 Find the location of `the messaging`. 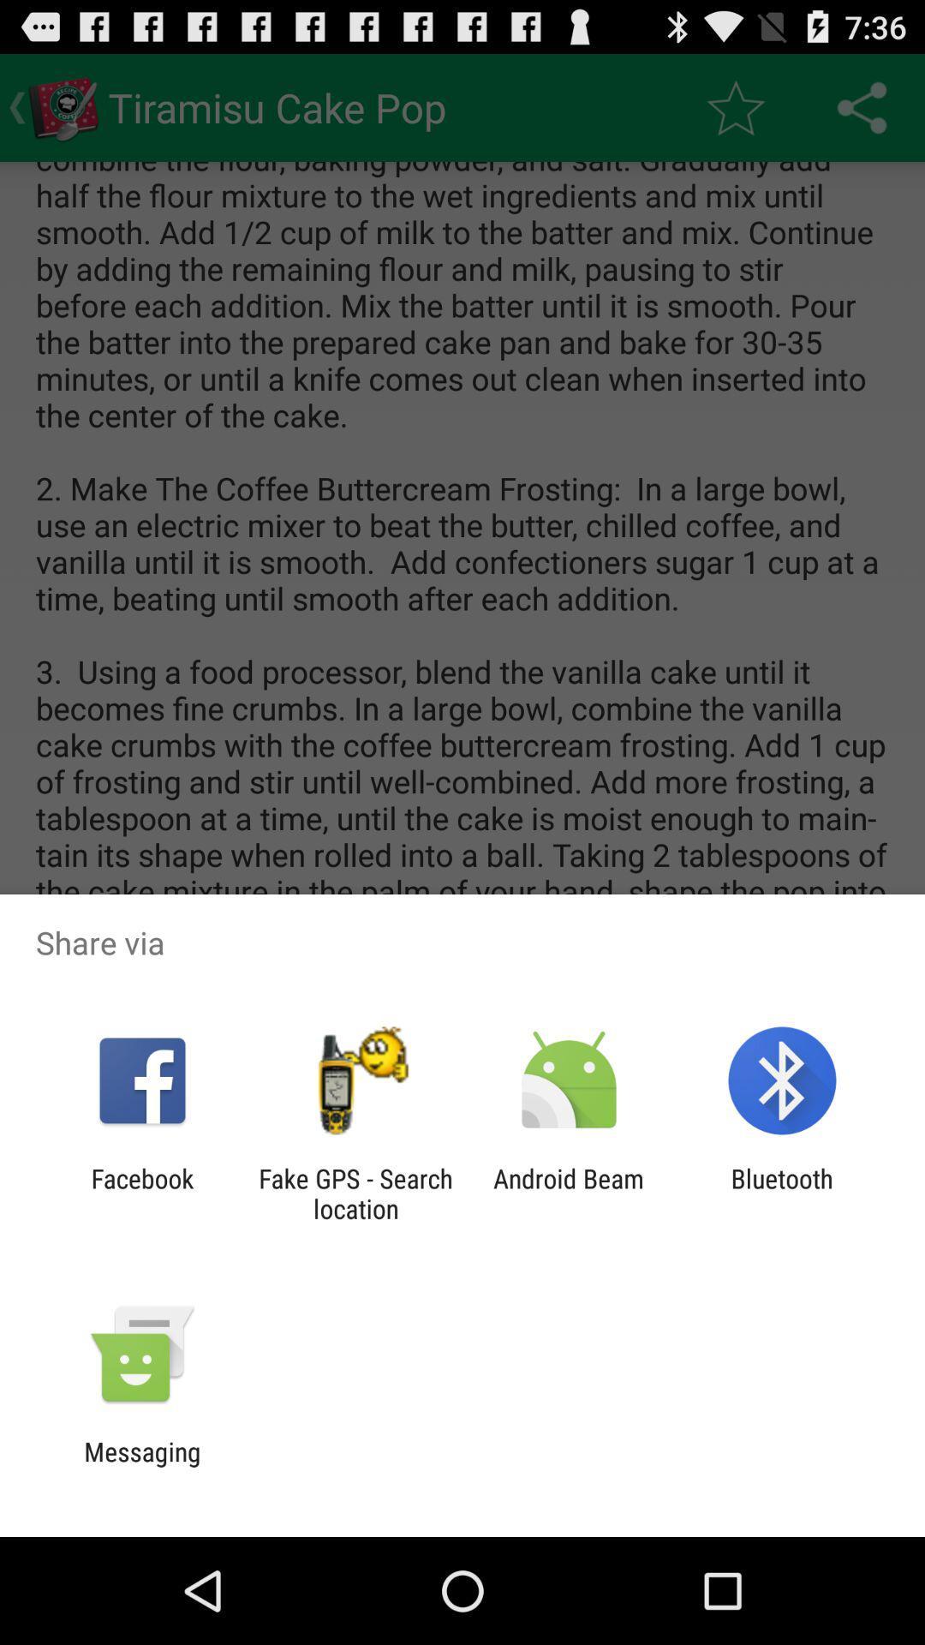

the messaging is located at coordinates (141, 1466).